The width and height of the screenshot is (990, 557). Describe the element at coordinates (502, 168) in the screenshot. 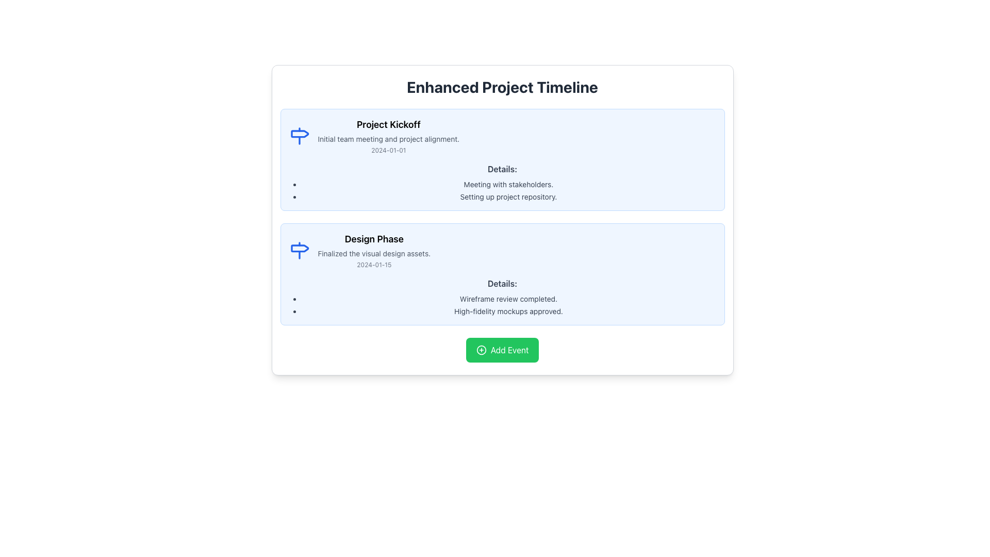

I see `the text label displaying 'Details:' in bold gray font, which acts as a section header above the details list in the 'Project Kickoff' section` at that location.